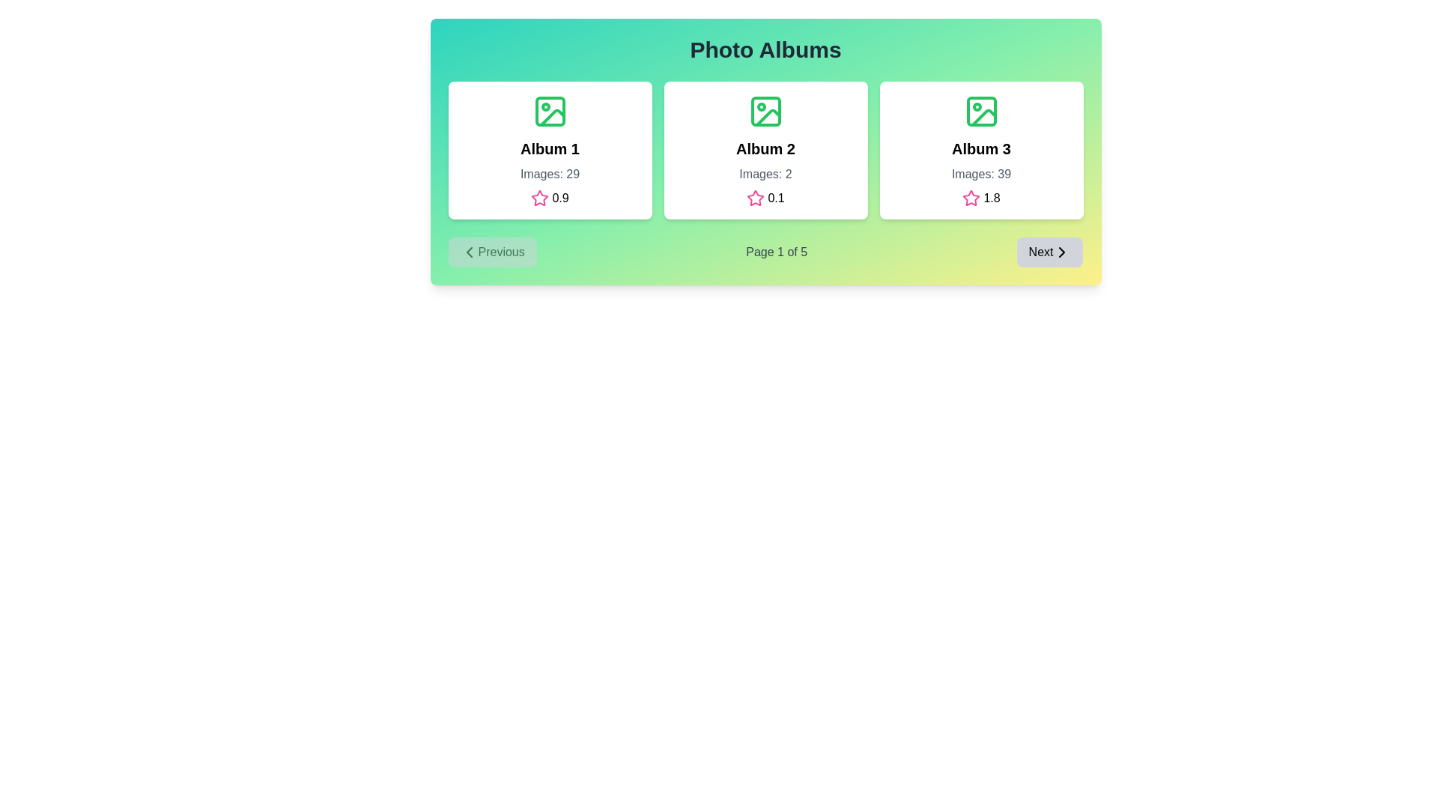  I want to click on the pink star icon with an outlined shape located in the bottom-left corner of the Album 3 card, adjacent to the rating value of '1.8', so click(971, 198).